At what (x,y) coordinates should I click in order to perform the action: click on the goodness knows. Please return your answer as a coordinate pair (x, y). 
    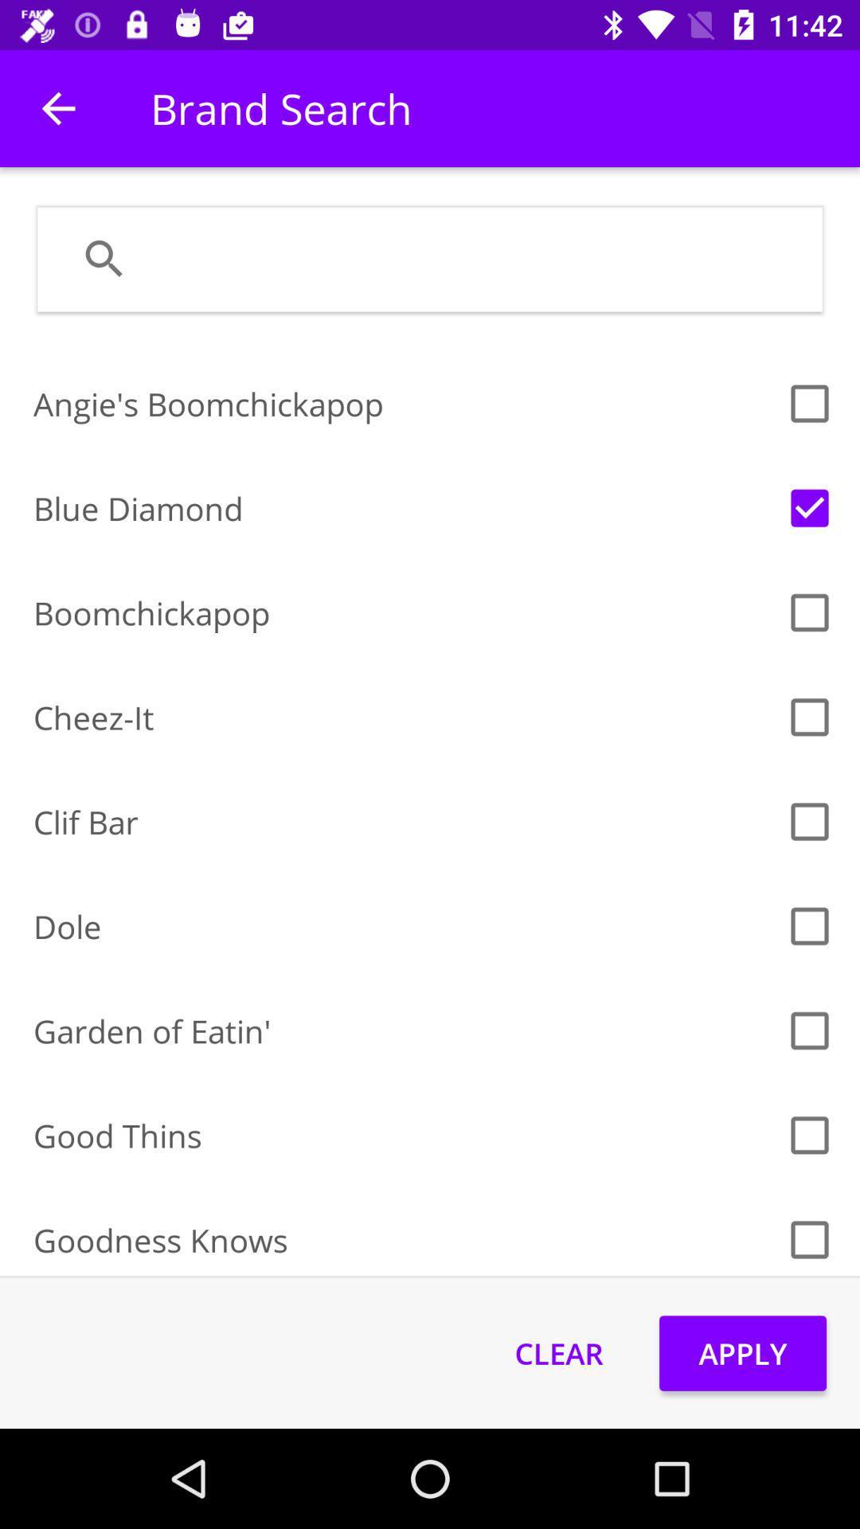
    Looking at the image, I should click on (404, 1239).